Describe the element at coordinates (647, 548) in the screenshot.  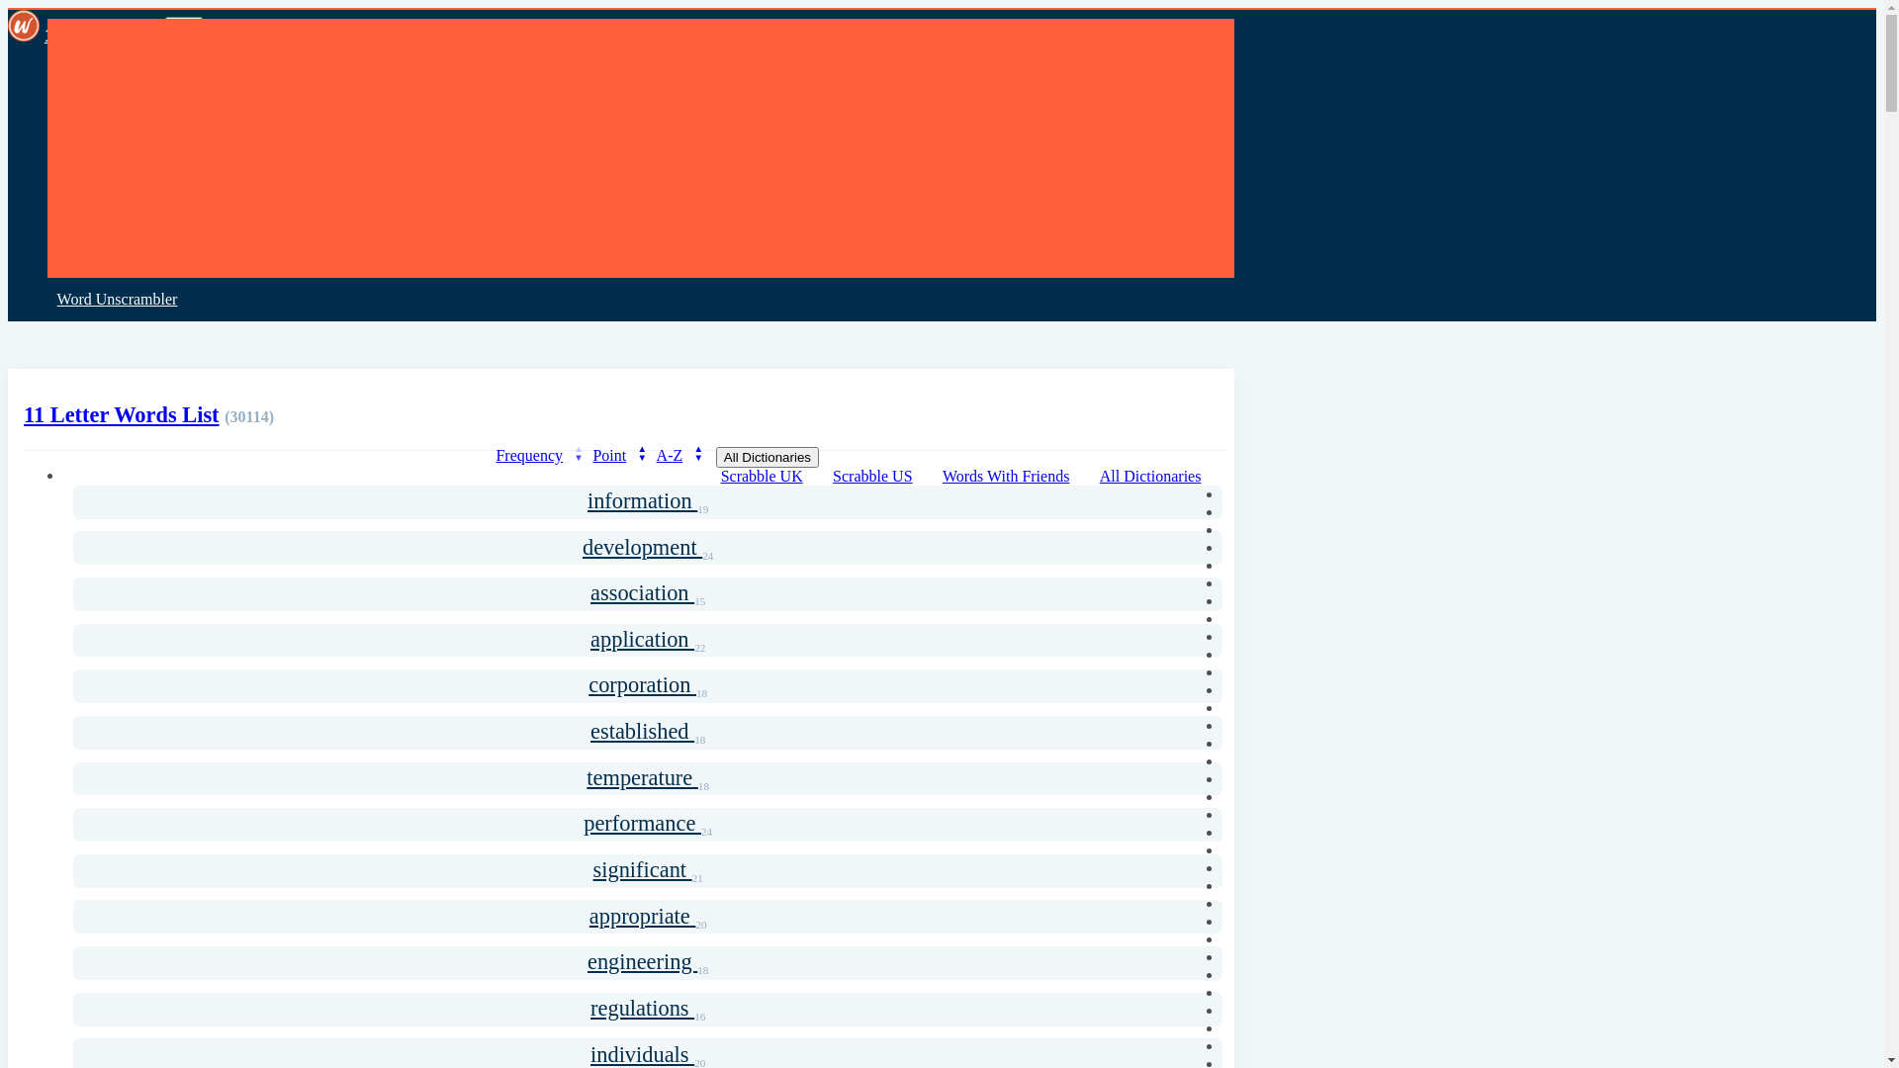
I see `'development 24'` at that location.